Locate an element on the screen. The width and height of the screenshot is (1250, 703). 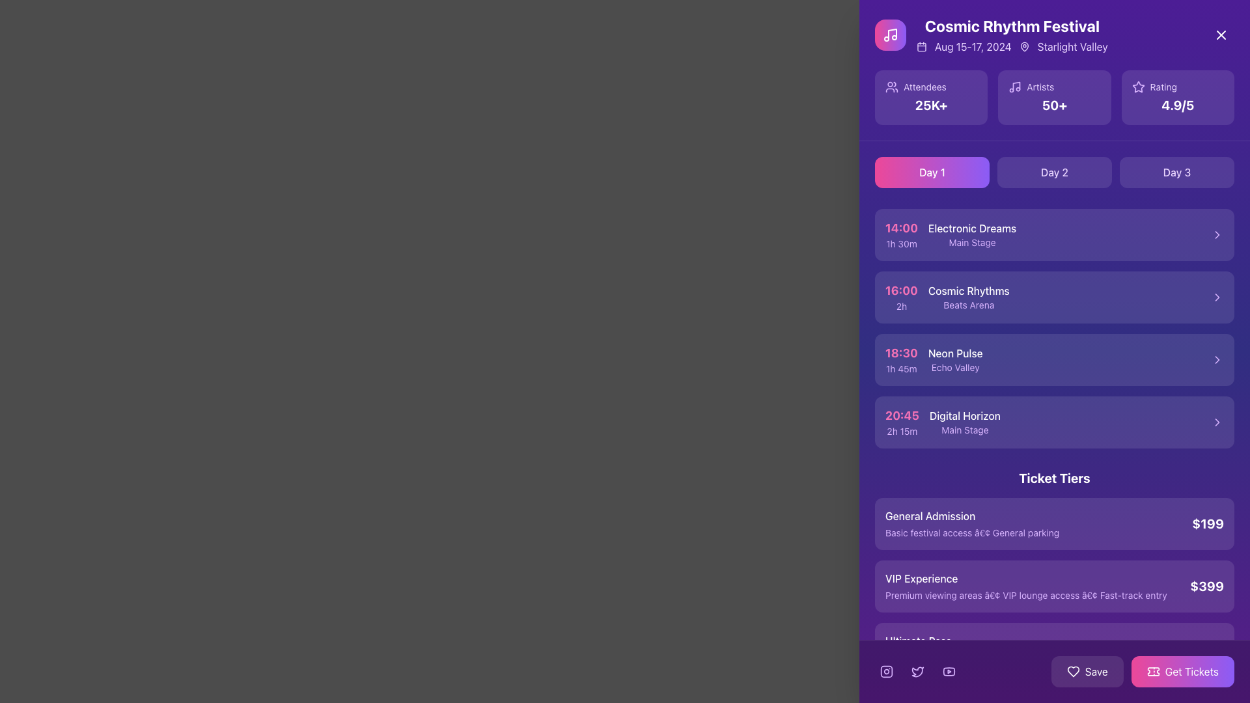
the second item in the 'Ticket Tiers' list is located at coordinates (1055, 586).